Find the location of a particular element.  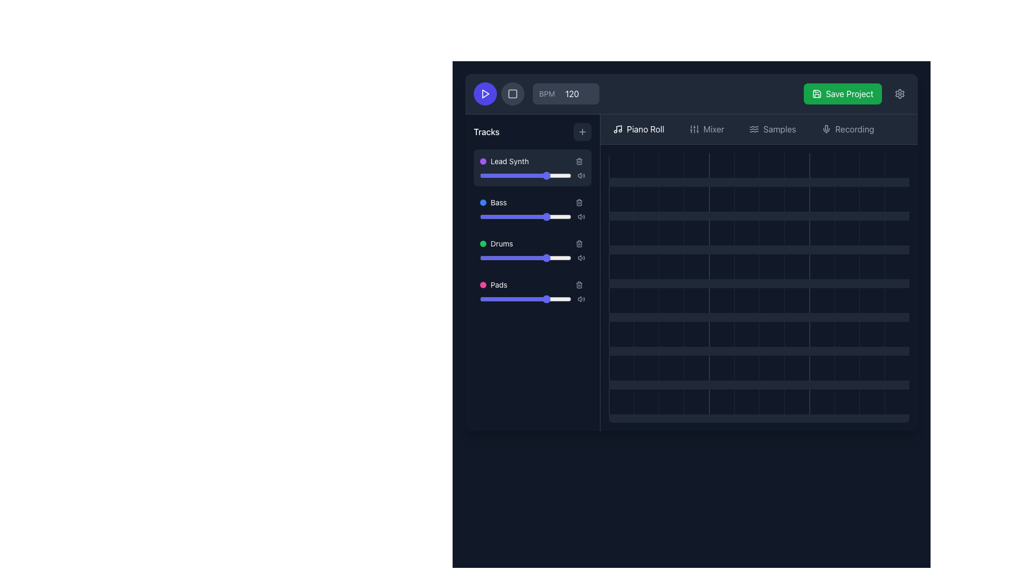

the small green circular Status indicator located to the left of the 'Drums' label in the sidebar track list panel is located at coordinates (483, 244).